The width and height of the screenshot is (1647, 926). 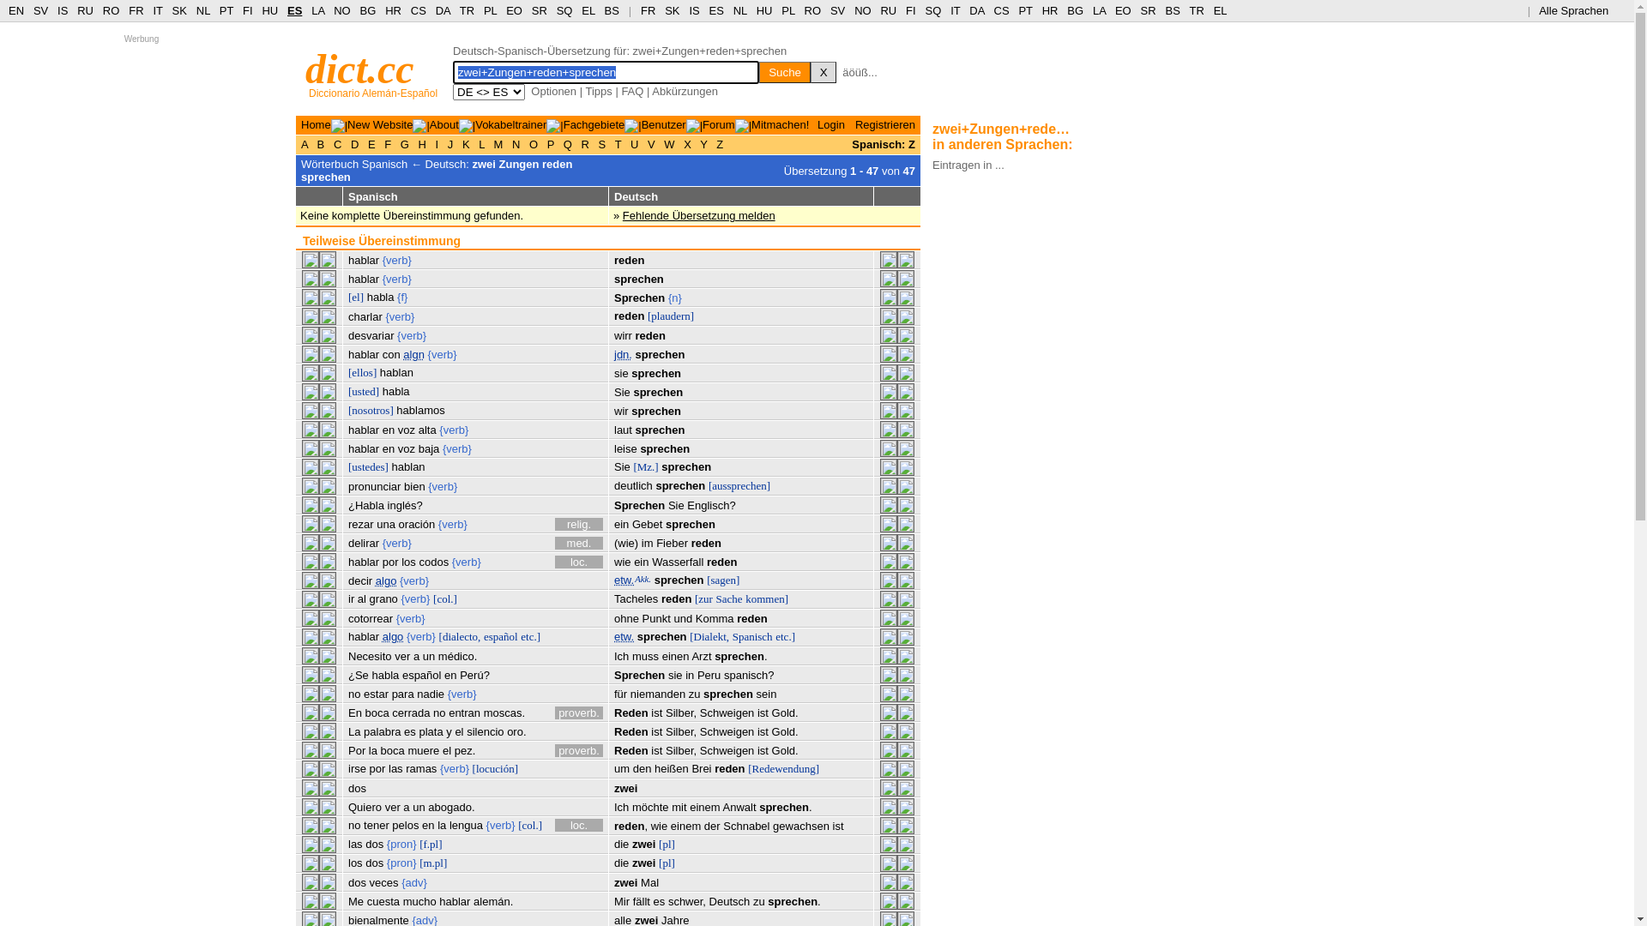 What do you see at coordinates (658, 900) in the screenshot?
I see `'es'` at bounding box center [658, 900].